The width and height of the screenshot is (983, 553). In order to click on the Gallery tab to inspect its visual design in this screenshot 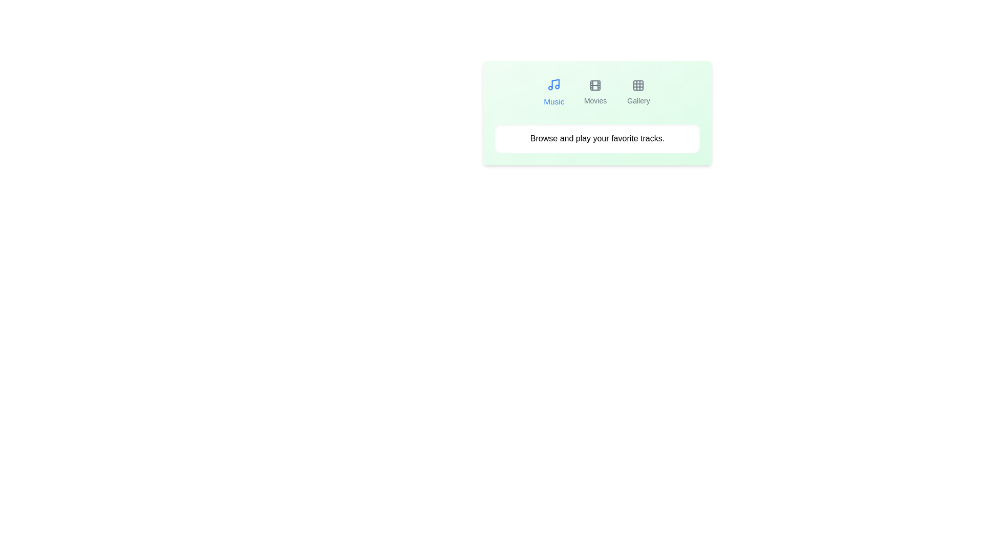, I will do `click(638, 93)`.